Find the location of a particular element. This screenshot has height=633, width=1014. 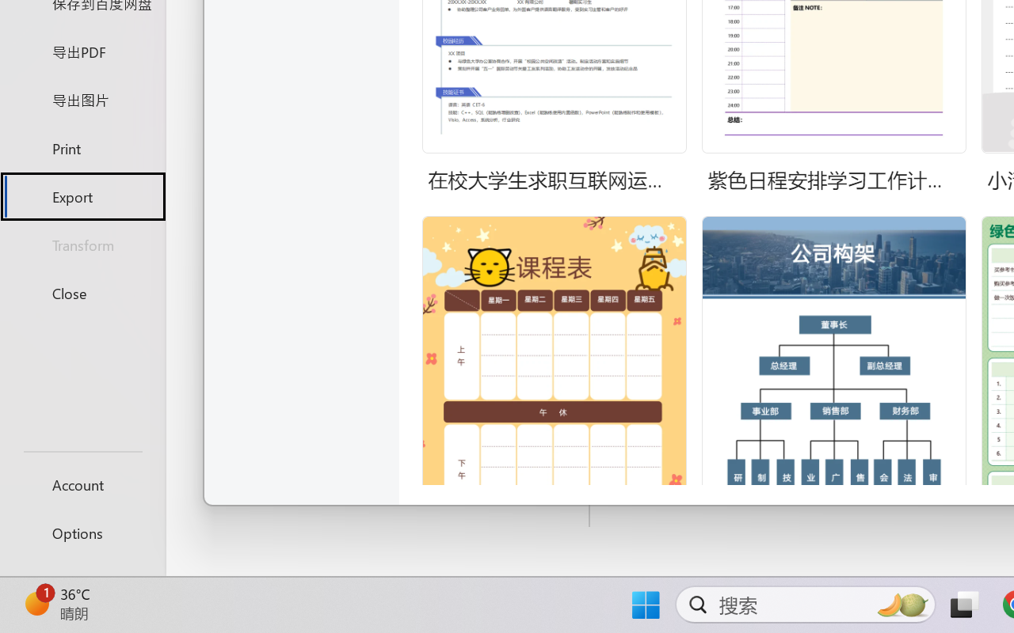

'Account' is located at coordinates (82, 484).